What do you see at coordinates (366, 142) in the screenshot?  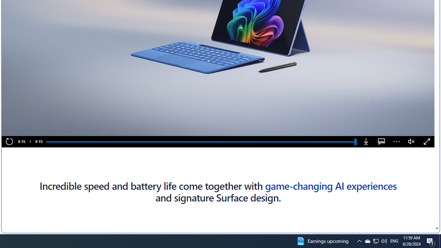 I see `'Download'` at bounding box center [366, 142].